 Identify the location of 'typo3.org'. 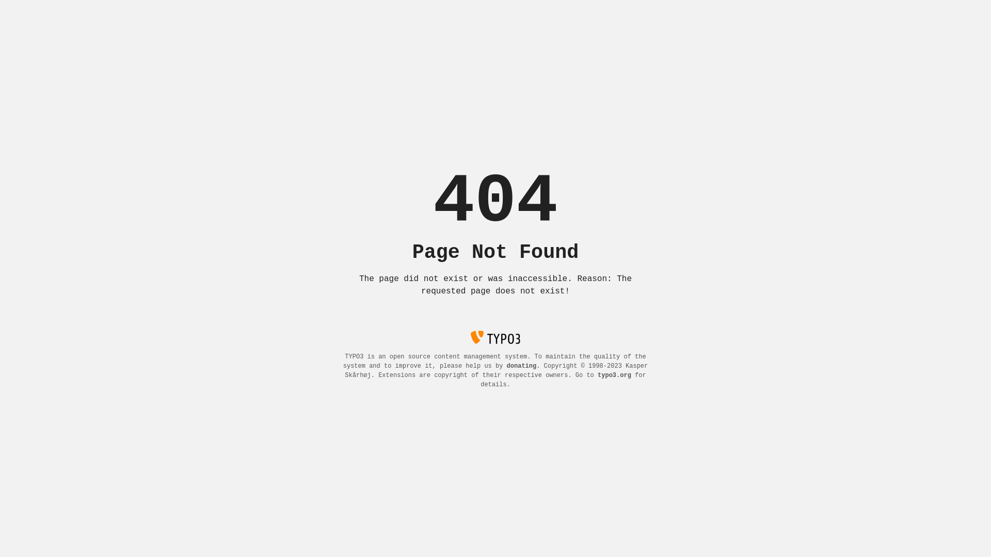
(614, 375).